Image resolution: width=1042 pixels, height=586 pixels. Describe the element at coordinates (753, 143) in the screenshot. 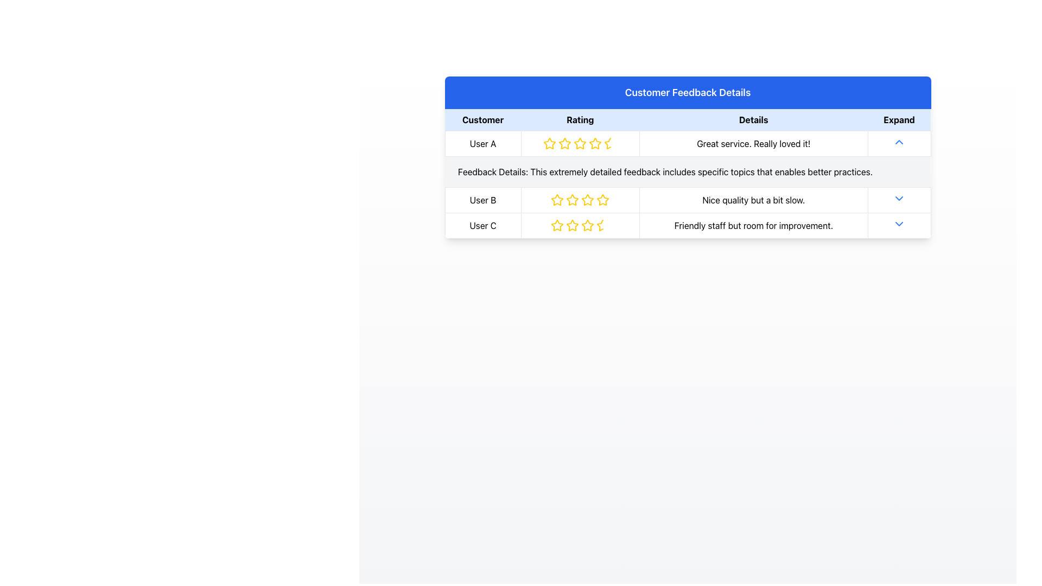

I see `the Text Display element located in the 'Details' column of the first row in the table, which displays the user's feedback or comment` at that location.